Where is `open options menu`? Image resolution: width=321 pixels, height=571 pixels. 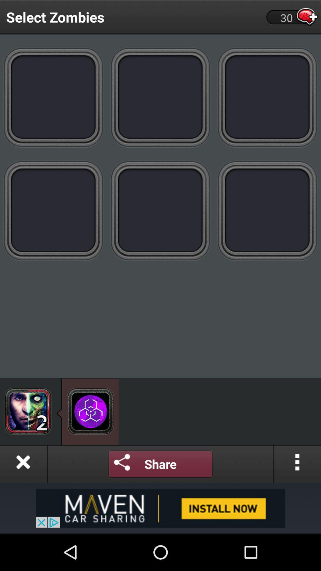 open options menu is located at coordinates (298, 464).